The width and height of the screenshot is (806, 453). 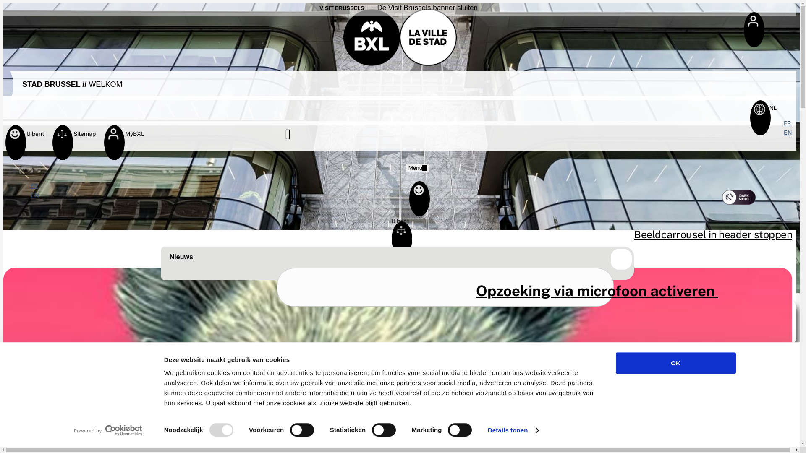 What do you see at coordinates (773, 107) in the screenshot?
I see `'NL '` at bounding box center [773, 107].